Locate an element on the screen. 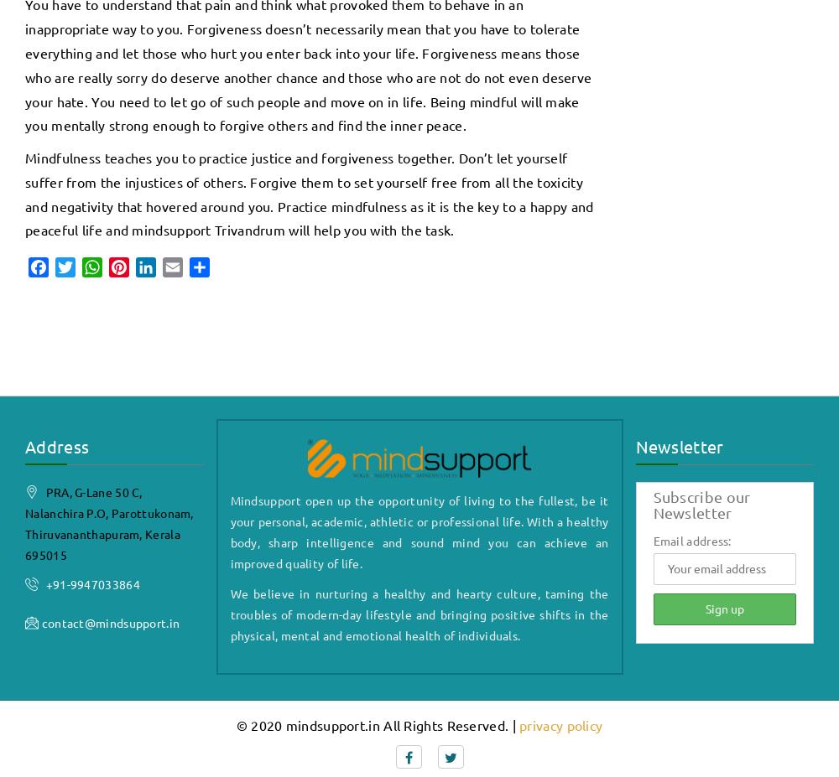  'Email address:' is located at coordinates (690, 540).